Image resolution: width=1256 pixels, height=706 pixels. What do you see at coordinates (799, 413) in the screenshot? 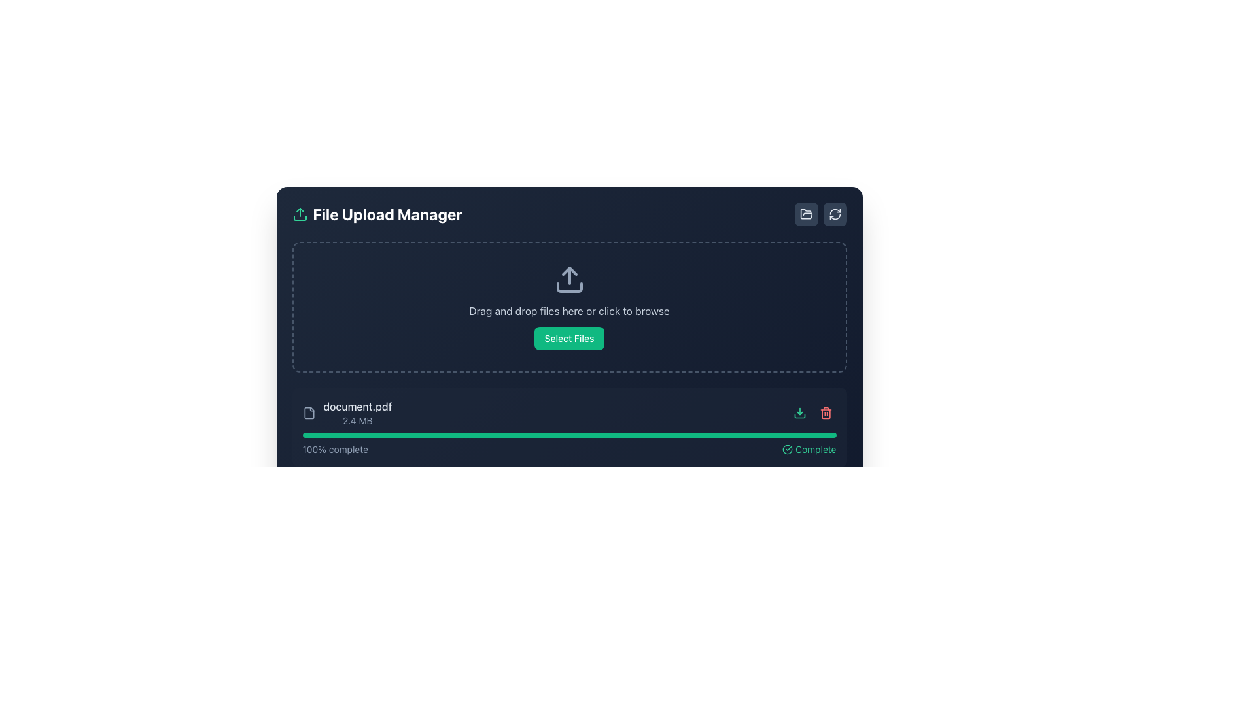
I see `the download icon, which is represented by a green downward arrow into a line, located at the bottom right corner of a file entry in the upload manager` at bounding box center [799, 413].